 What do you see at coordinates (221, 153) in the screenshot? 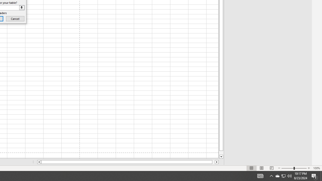
I see `'Page down'` at bounding box center [221, 153].